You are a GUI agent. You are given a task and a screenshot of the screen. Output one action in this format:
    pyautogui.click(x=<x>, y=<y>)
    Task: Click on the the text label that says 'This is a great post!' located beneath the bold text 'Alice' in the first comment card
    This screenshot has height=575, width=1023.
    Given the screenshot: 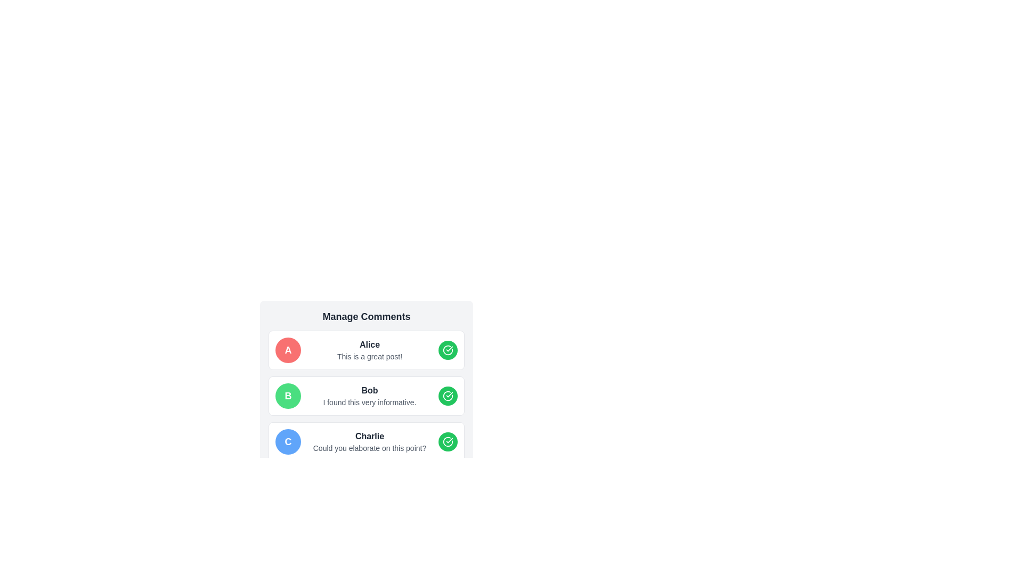 What is the action you would take?
    pyautogui.click(x=370, y=357)
    